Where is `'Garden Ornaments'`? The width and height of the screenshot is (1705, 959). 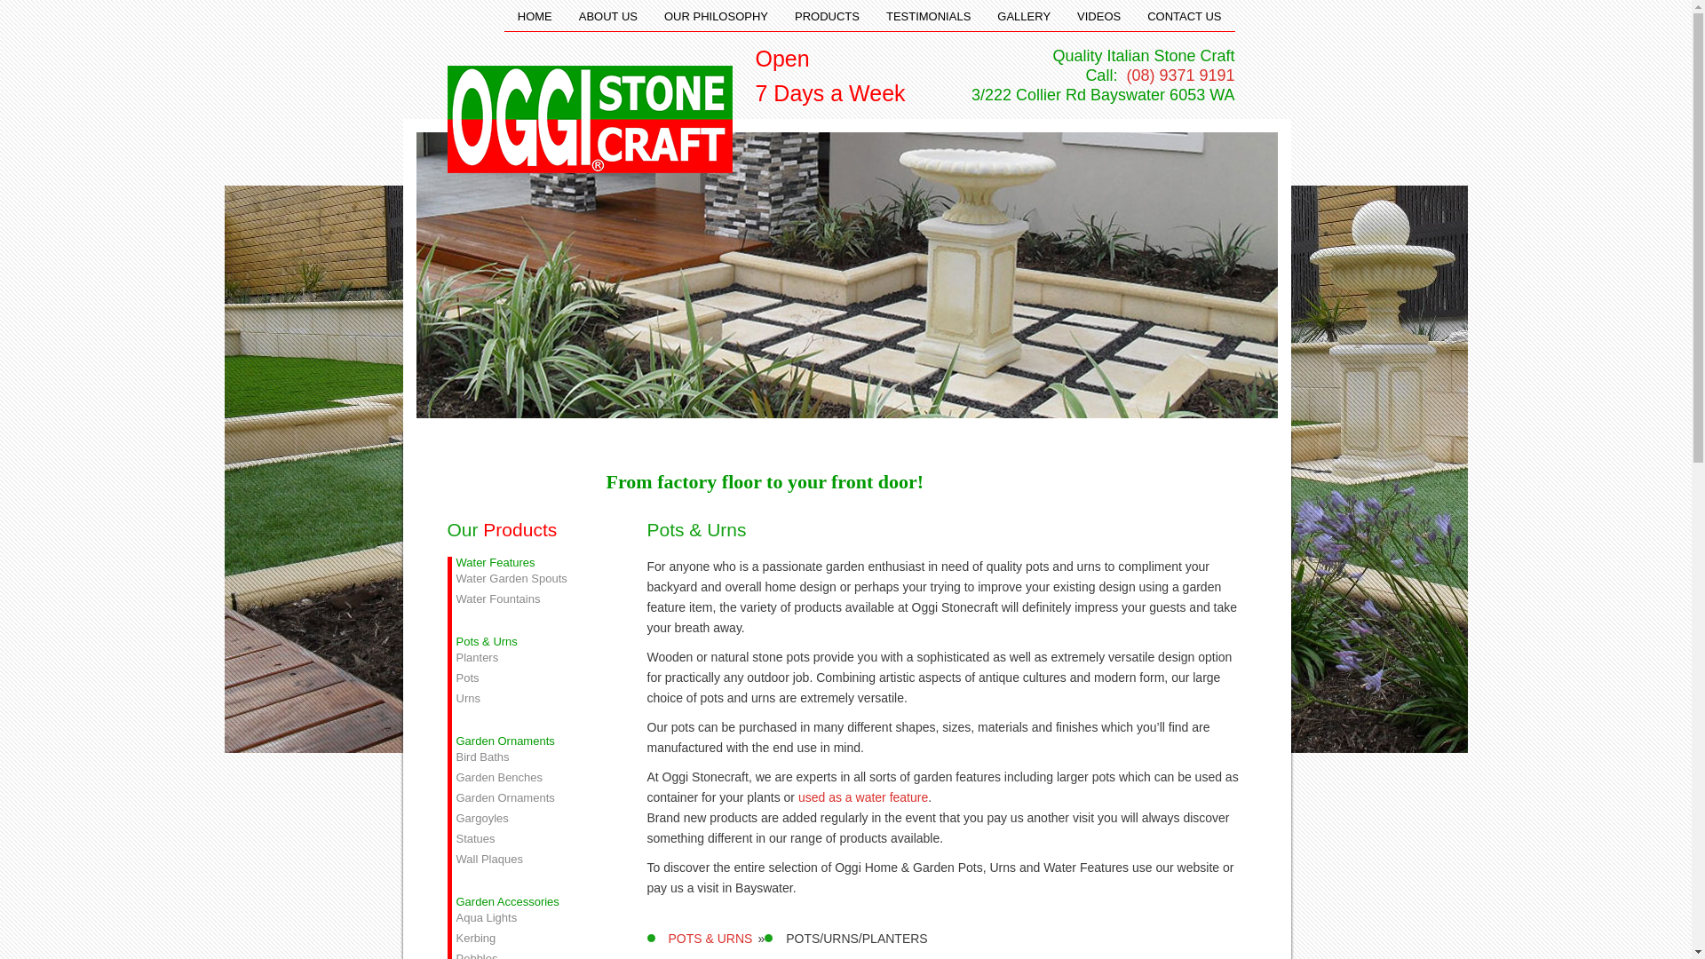 'Garden Ornaments' is located at coordinates (528, 797).